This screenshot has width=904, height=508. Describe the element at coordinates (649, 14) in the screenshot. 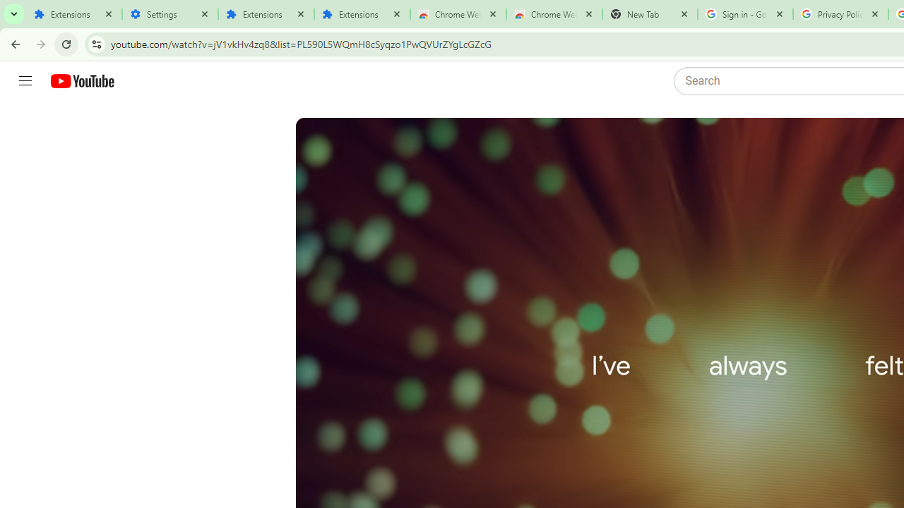

I see `'New Tab'` at that location.